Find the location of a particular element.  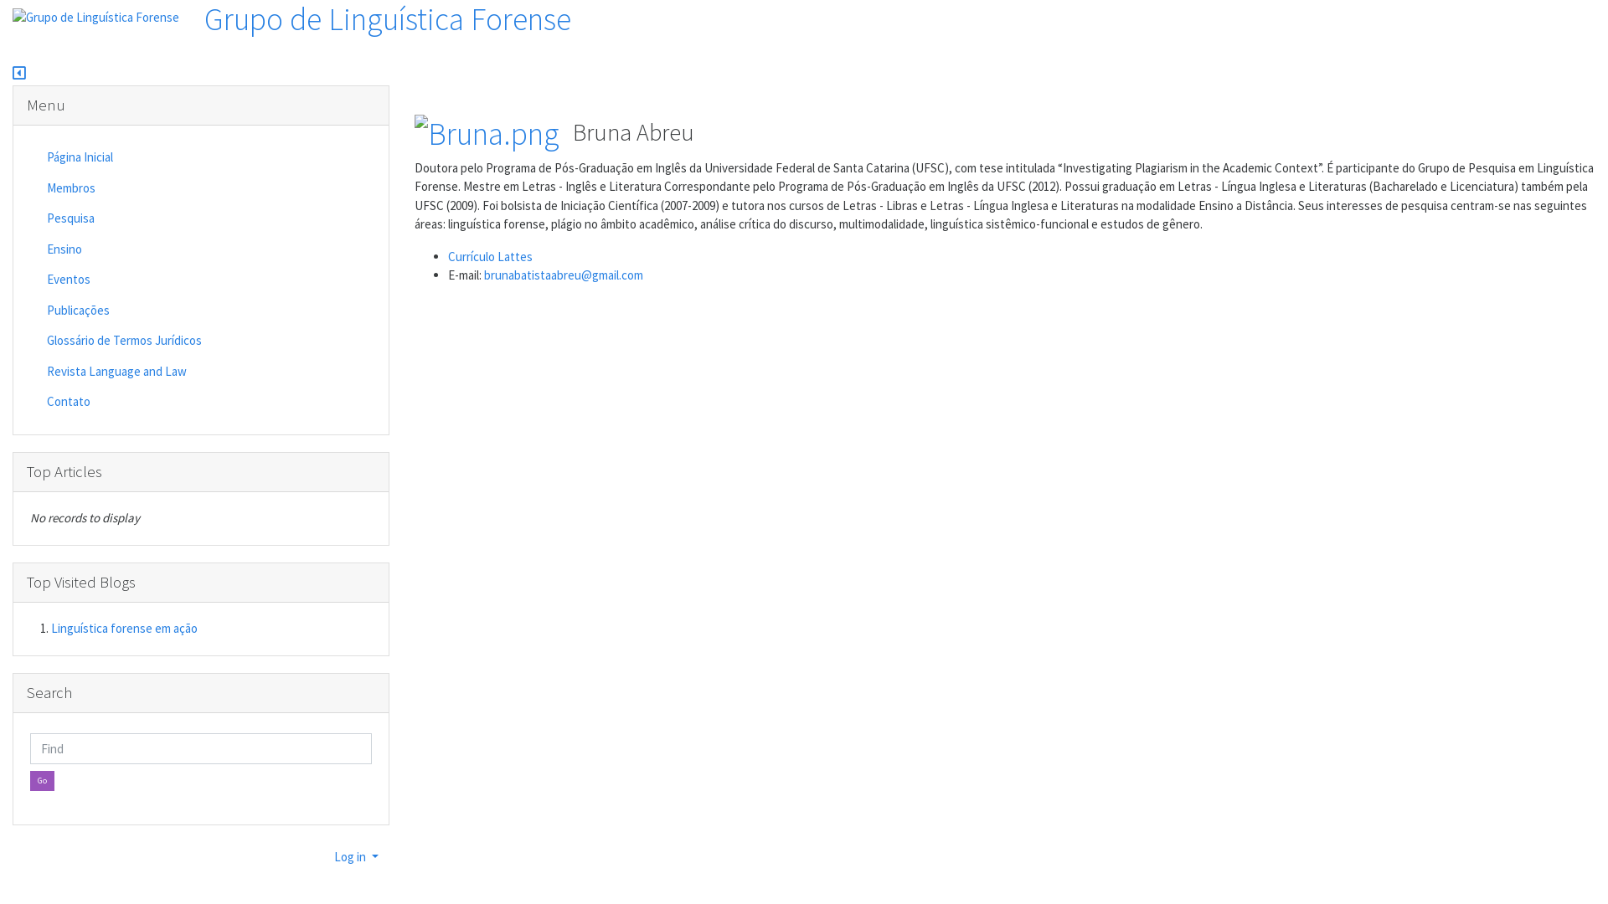

'Ensino' is located at coordinates (123, 249).